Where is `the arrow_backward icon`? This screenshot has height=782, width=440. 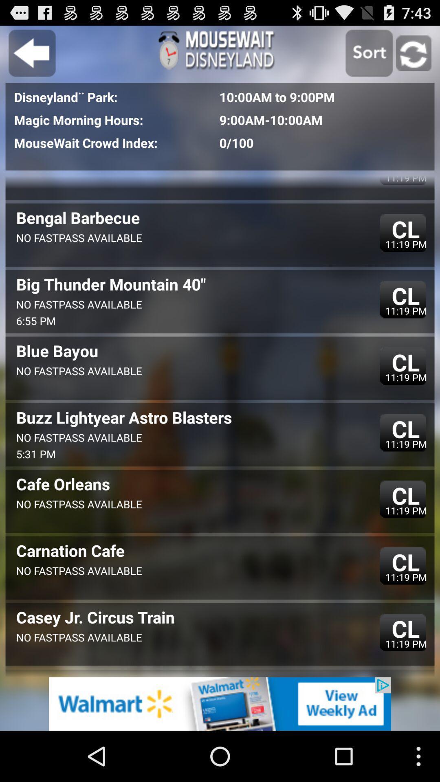 the arrow_backward icon is located at coordinates (31, 56).